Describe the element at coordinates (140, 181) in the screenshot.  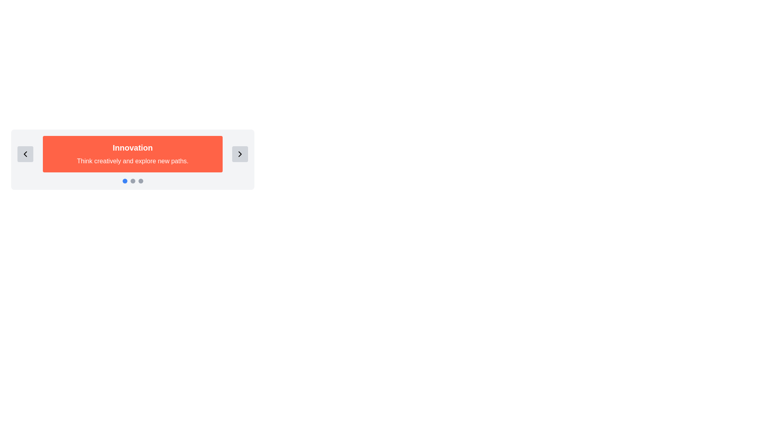
I see `the third dot-style navigation indicator for the carousel located beneath the 'Innovation' banner` at that location.